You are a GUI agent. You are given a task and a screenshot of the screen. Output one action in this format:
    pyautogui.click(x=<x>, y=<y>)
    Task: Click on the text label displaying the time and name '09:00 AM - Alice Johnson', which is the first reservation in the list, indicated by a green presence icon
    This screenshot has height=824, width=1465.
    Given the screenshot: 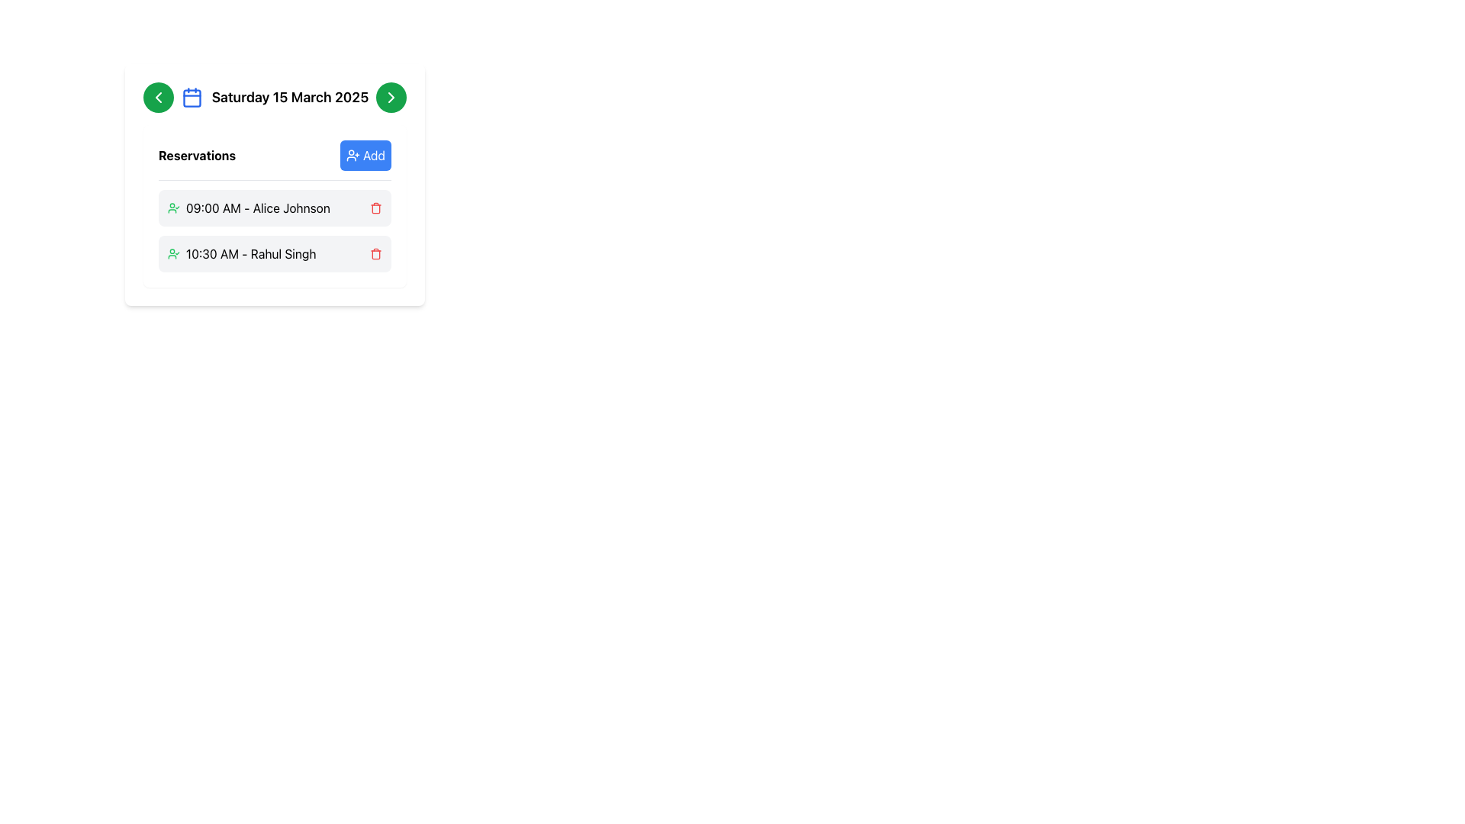 What is the action you would take?
    pyautogui.click(x=249, y=208)
    